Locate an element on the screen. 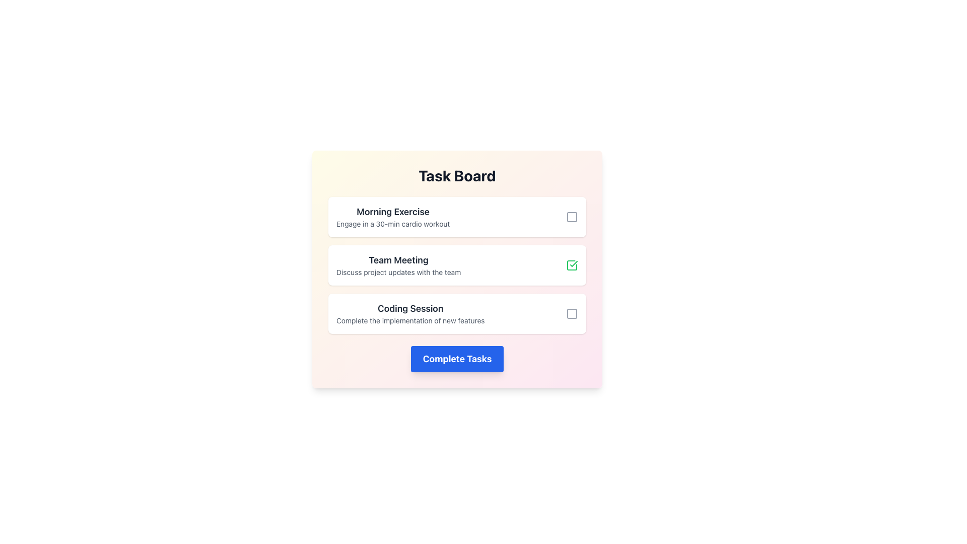  the task entry card at the top of the list, which includes a checkbox for marking the task as complete is located at coordinates (456, 217).